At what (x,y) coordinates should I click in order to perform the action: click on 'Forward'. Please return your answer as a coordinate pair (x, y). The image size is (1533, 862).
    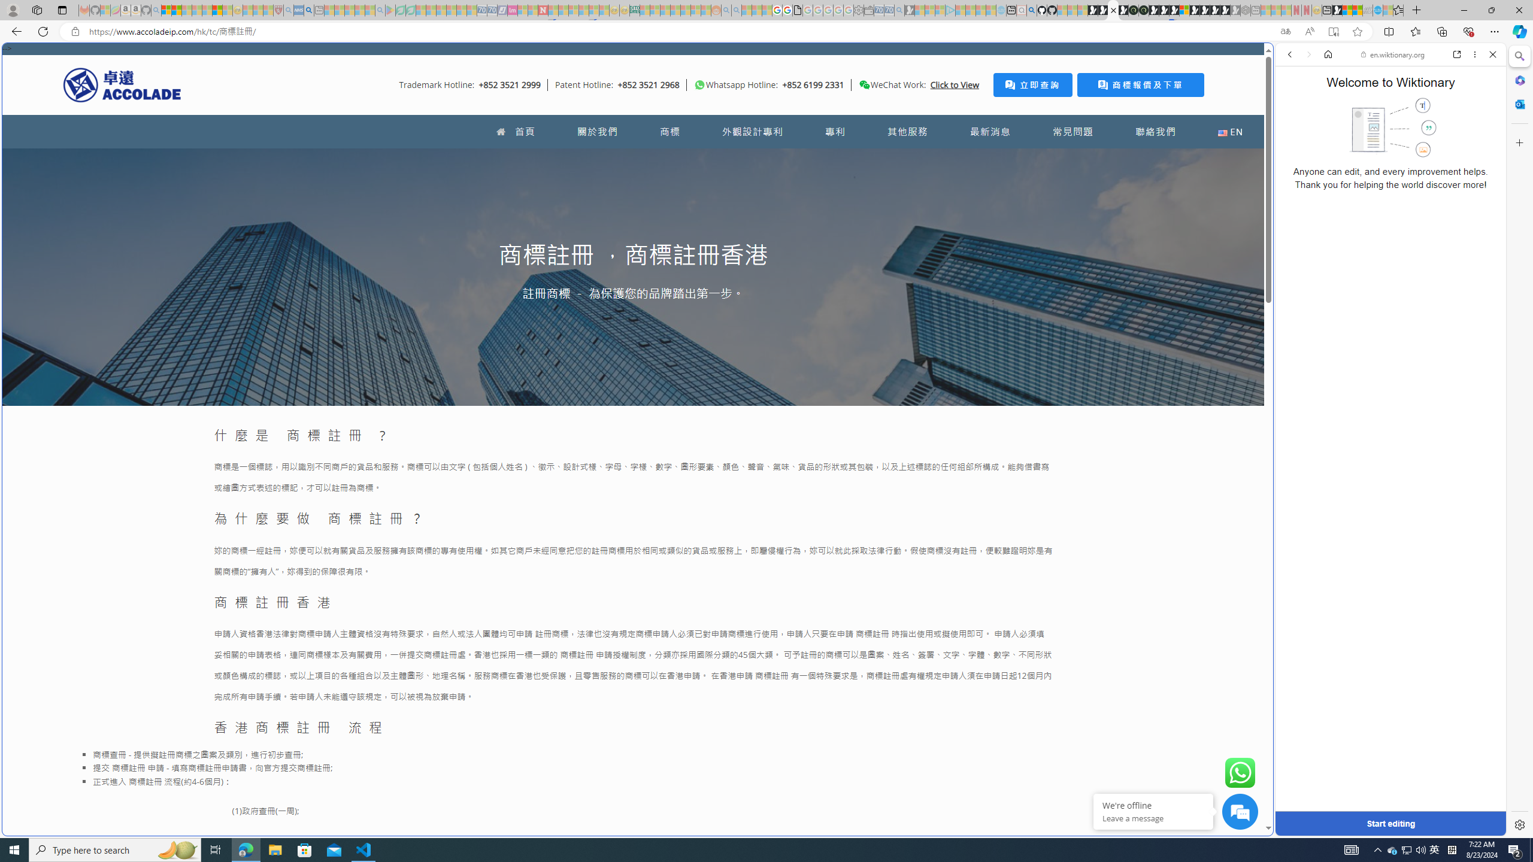
    Looking at the image, I should click on (1308, 53).